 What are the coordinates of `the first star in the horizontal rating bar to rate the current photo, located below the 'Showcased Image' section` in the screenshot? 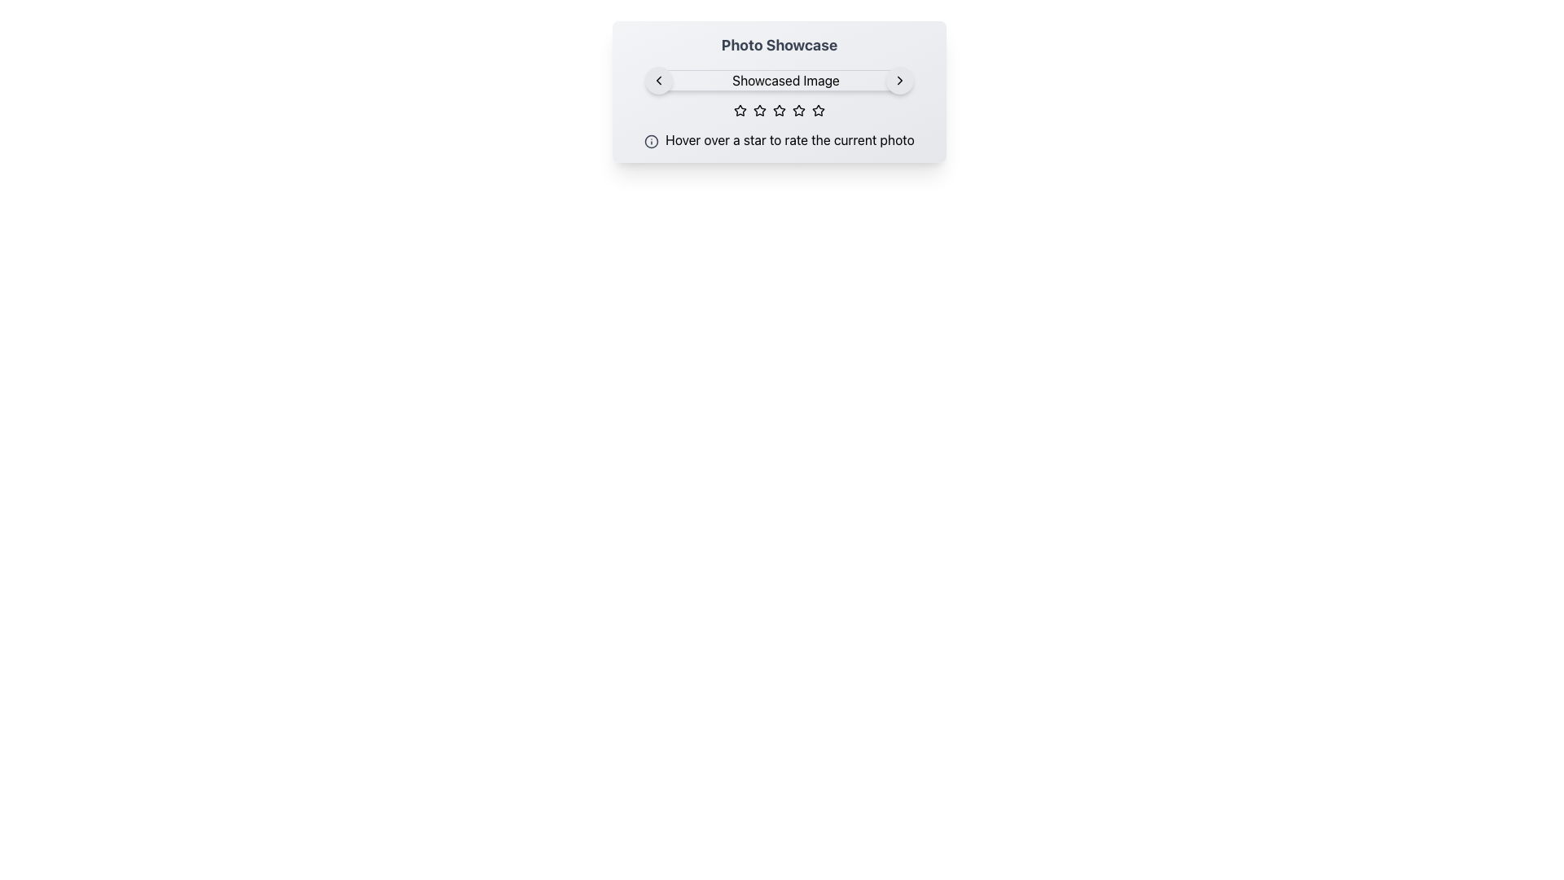 It's located at (739, 110).